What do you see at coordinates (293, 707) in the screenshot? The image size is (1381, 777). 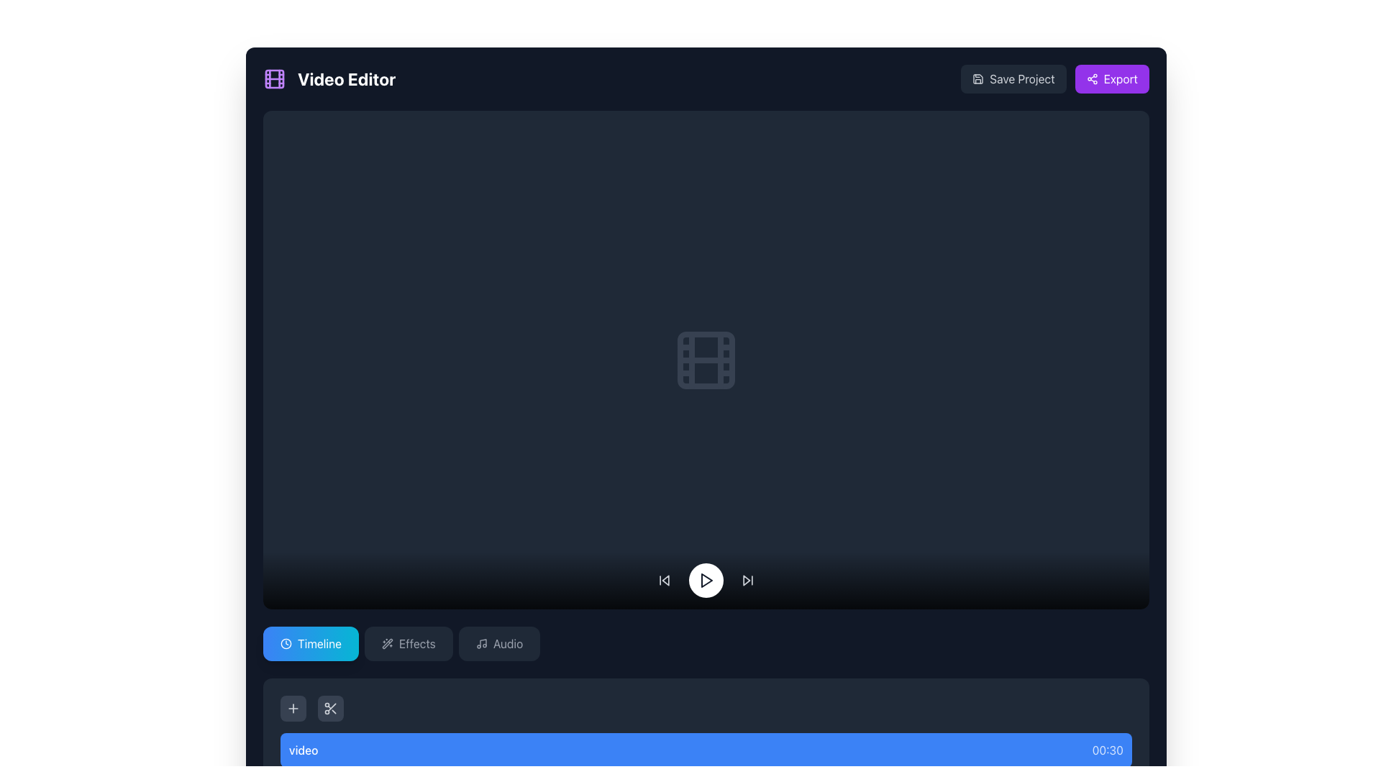 I see `the small square button with a dark gray background and a white plus icon, located just above the timeline's blue 'video' label in the bottom left quadrant of the interface` at bounding box center [293, 707].